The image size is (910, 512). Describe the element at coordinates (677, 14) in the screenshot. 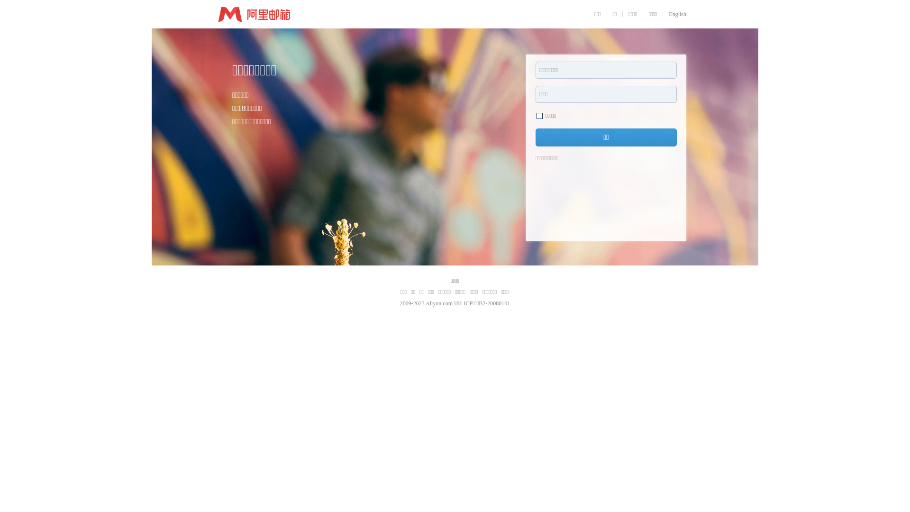

I see `'English'` at that location.